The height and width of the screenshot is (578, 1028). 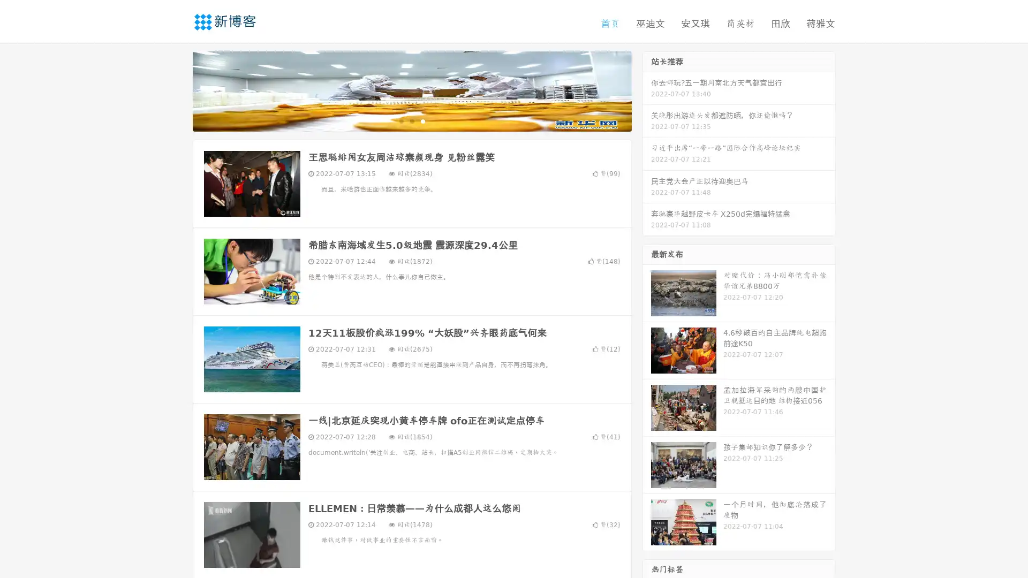 What do you see at coordinates (647, 90) in the screenshot?
I see `Next slide` at bounding box center [647, 90].